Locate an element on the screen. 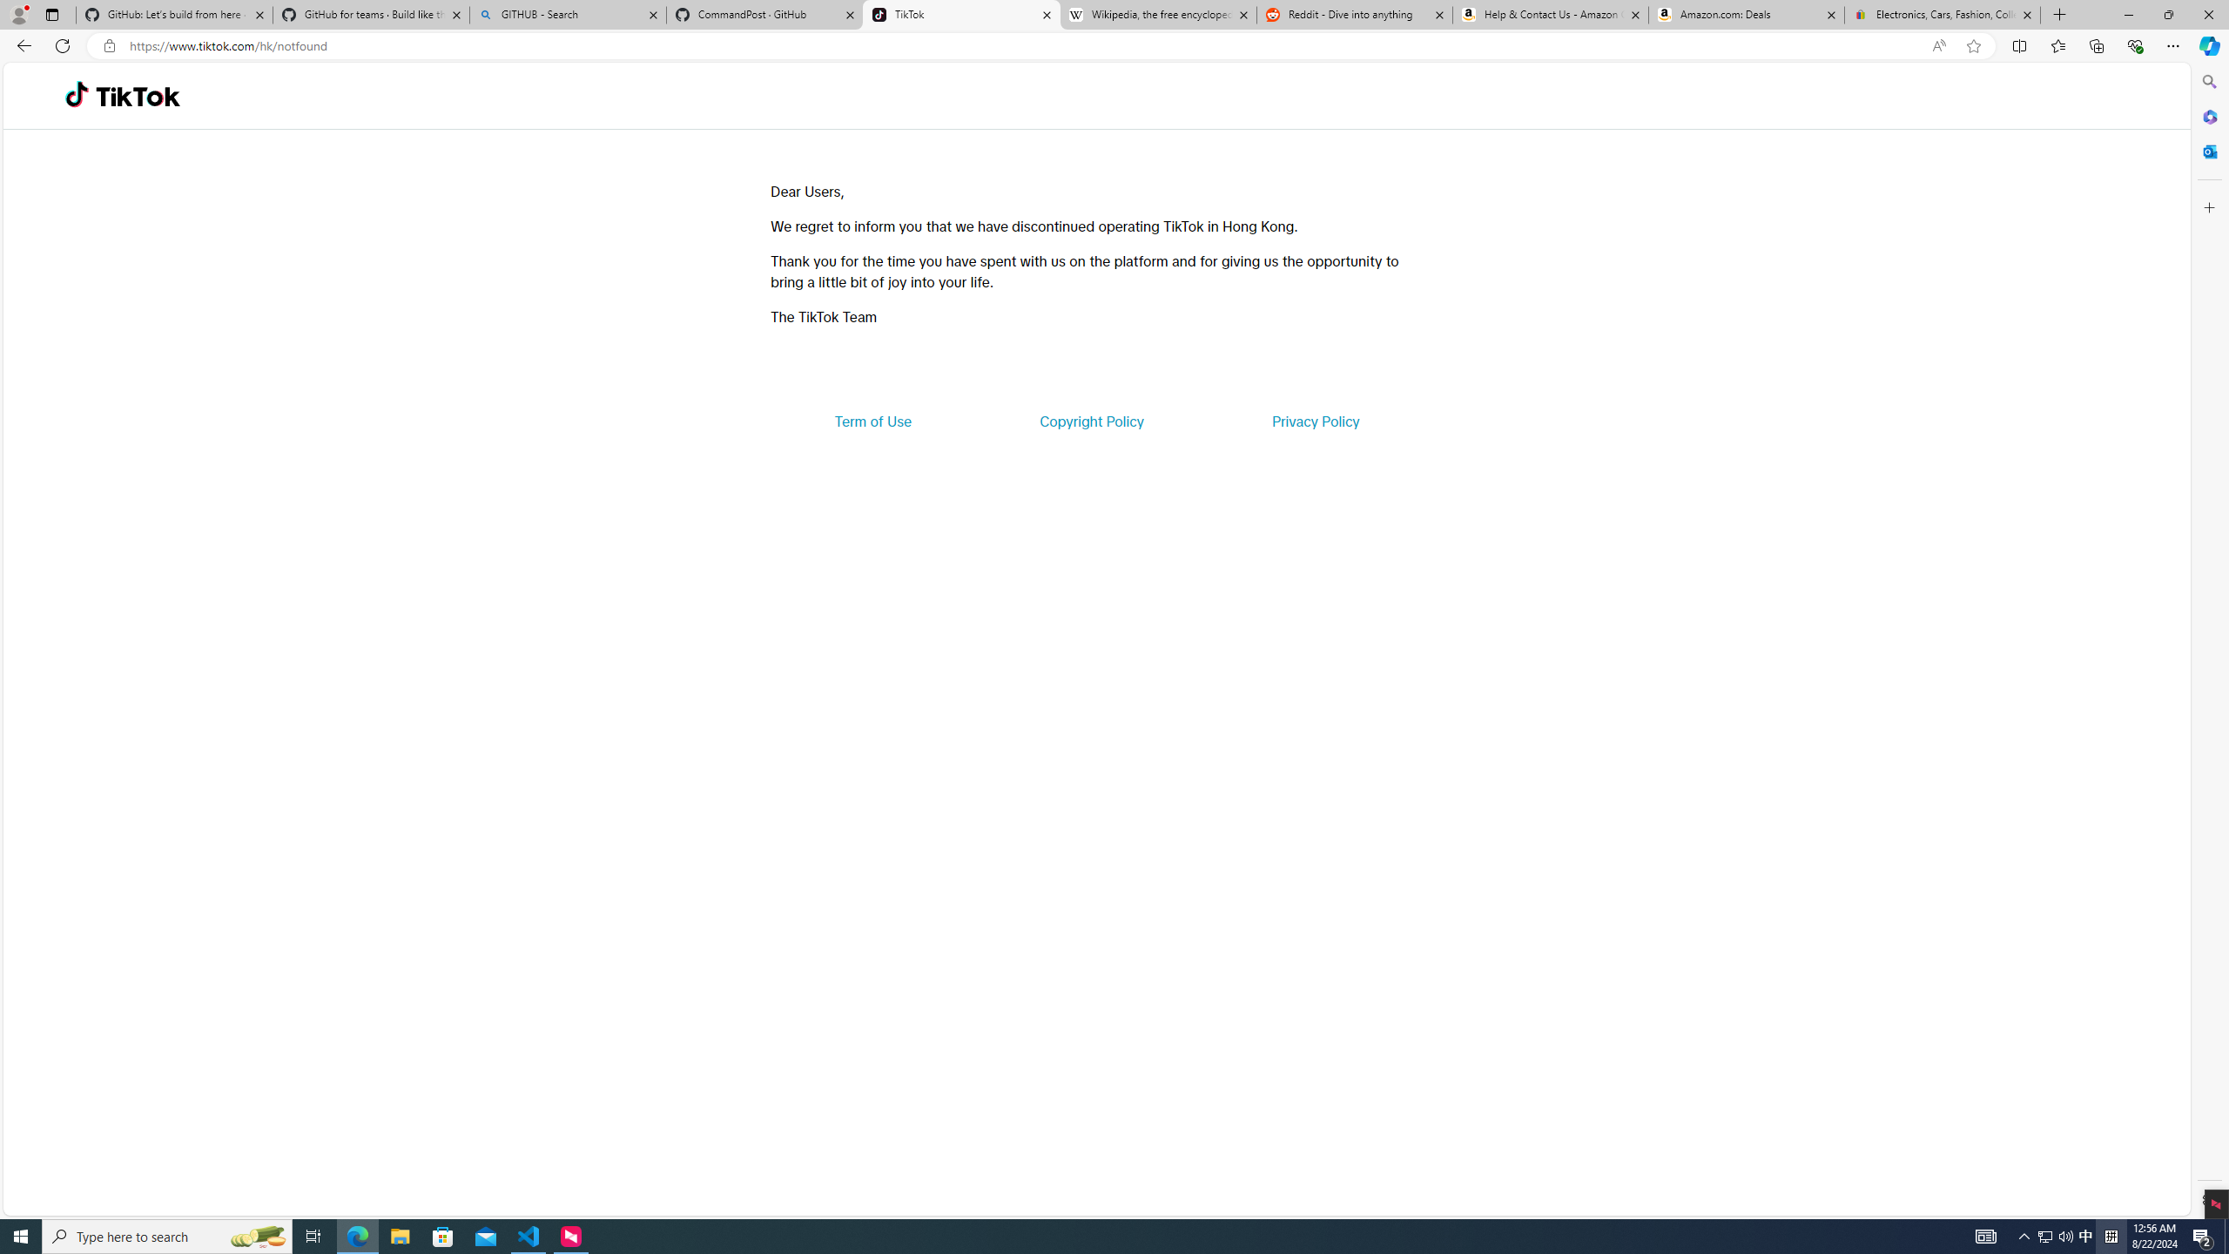 This screenshot has height=1254, width=2229. 'Wikipedia, the free encyclopedia' is located at coordinates (1156, 14).